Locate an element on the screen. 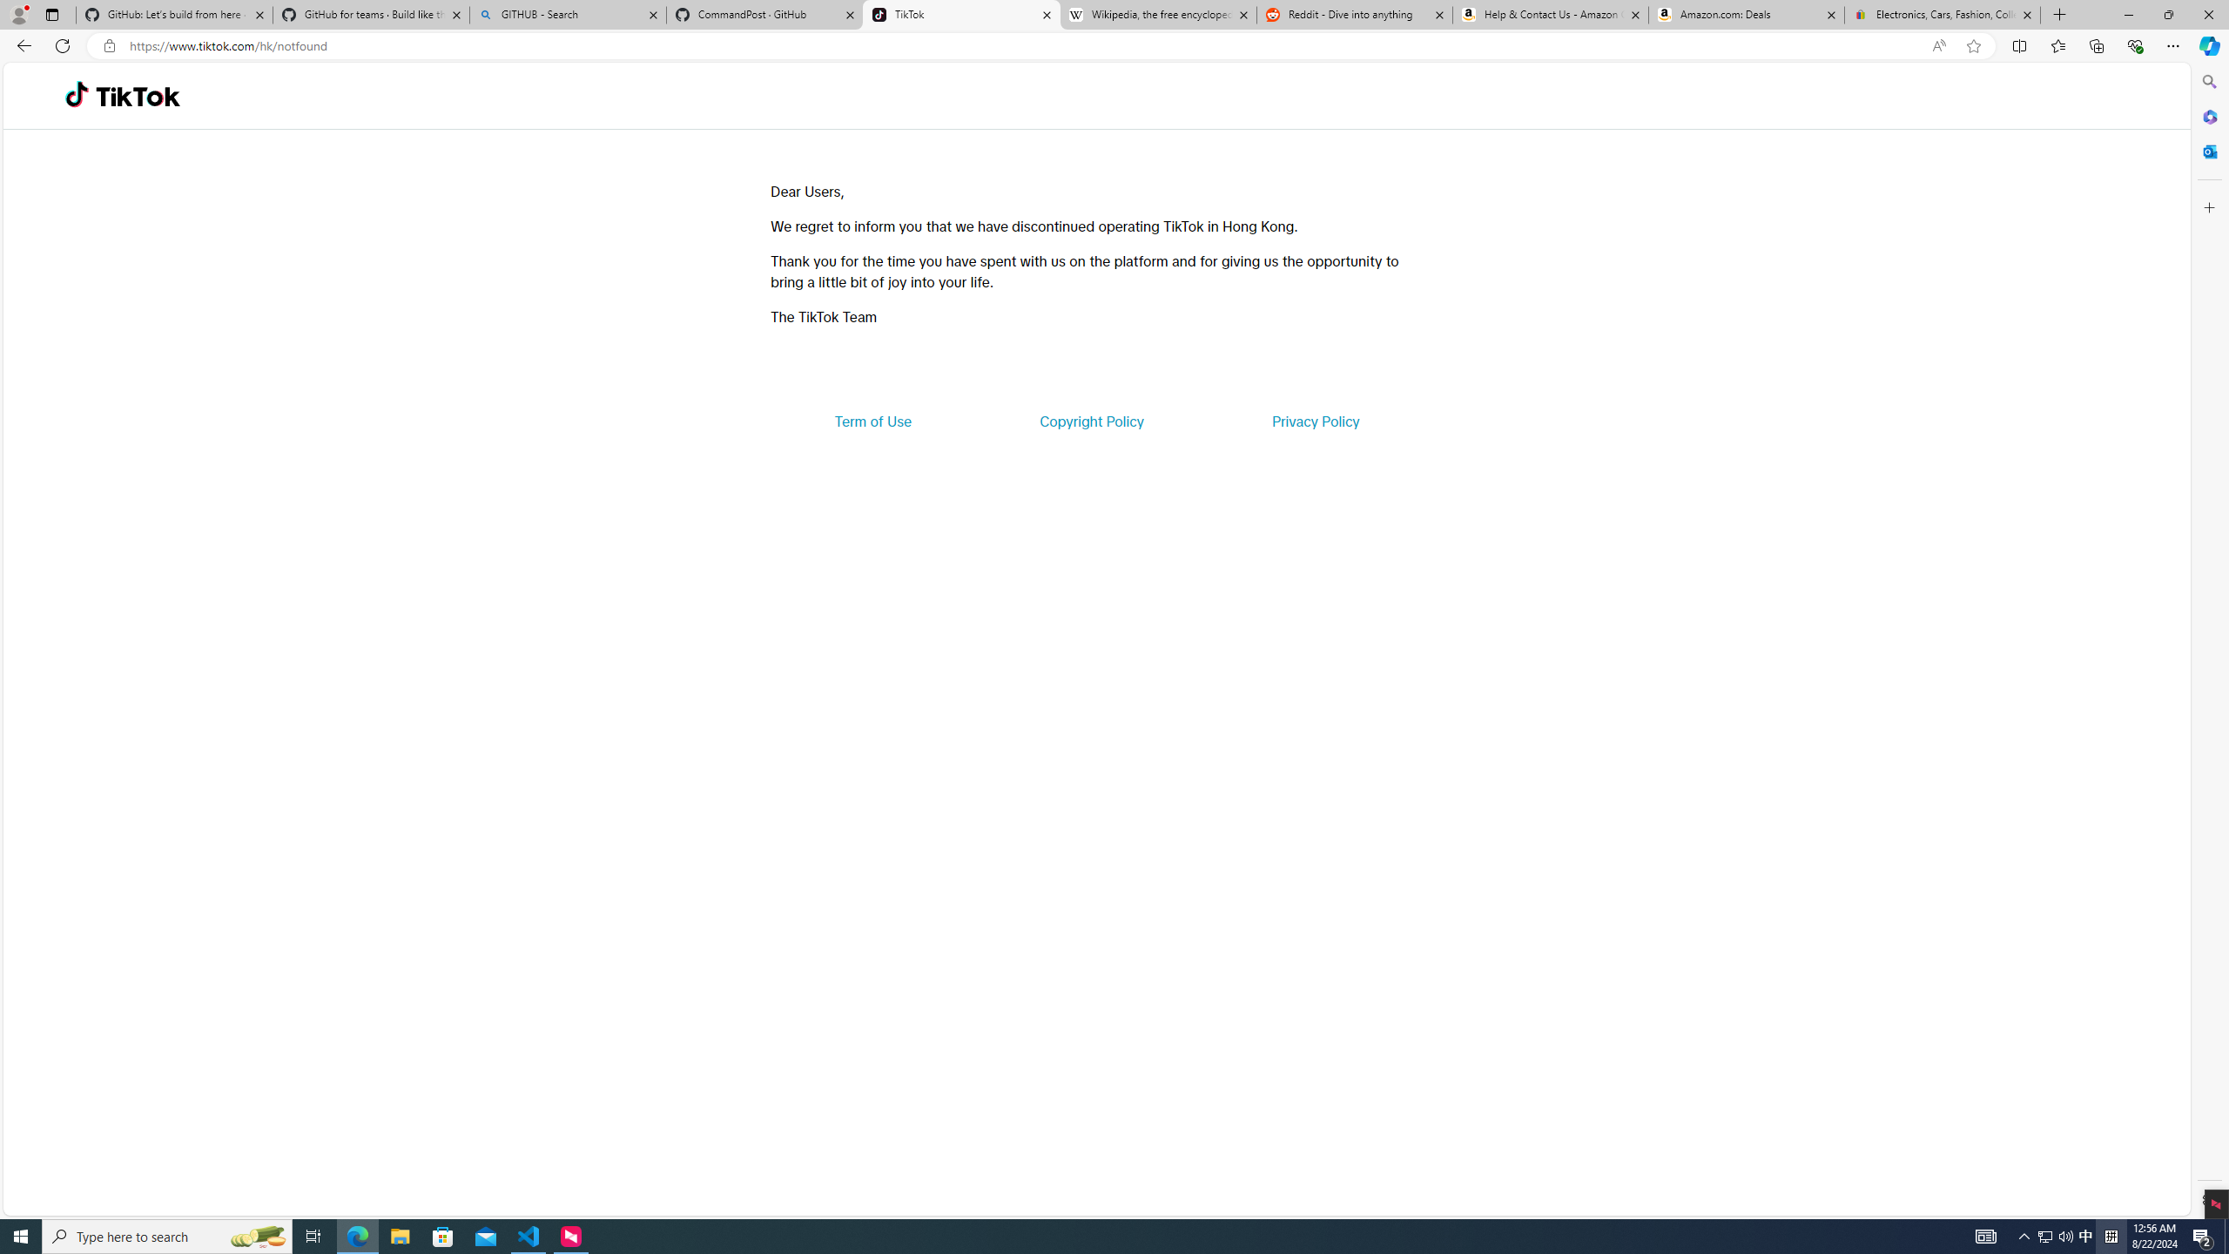 This screenshot has height=1254, width=2229. 'Wikipedia, the free encyclopedia' is located at coordinates (1156, 14).